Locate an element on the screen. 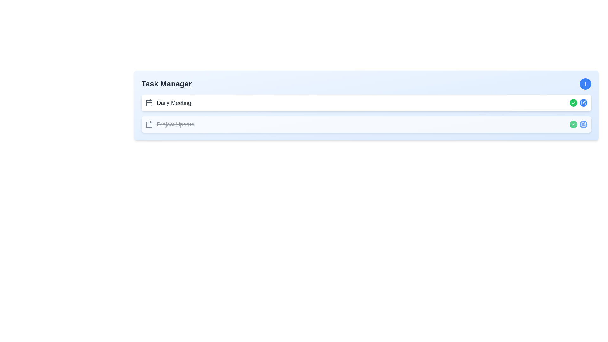 The image size is (608, 342). the icon-based button resembling a document with an attached pen symbol, located in the top row of icons in the task list section, adjacent to the 'Daily Meeting' task entry is located at coordinates (583, 102).